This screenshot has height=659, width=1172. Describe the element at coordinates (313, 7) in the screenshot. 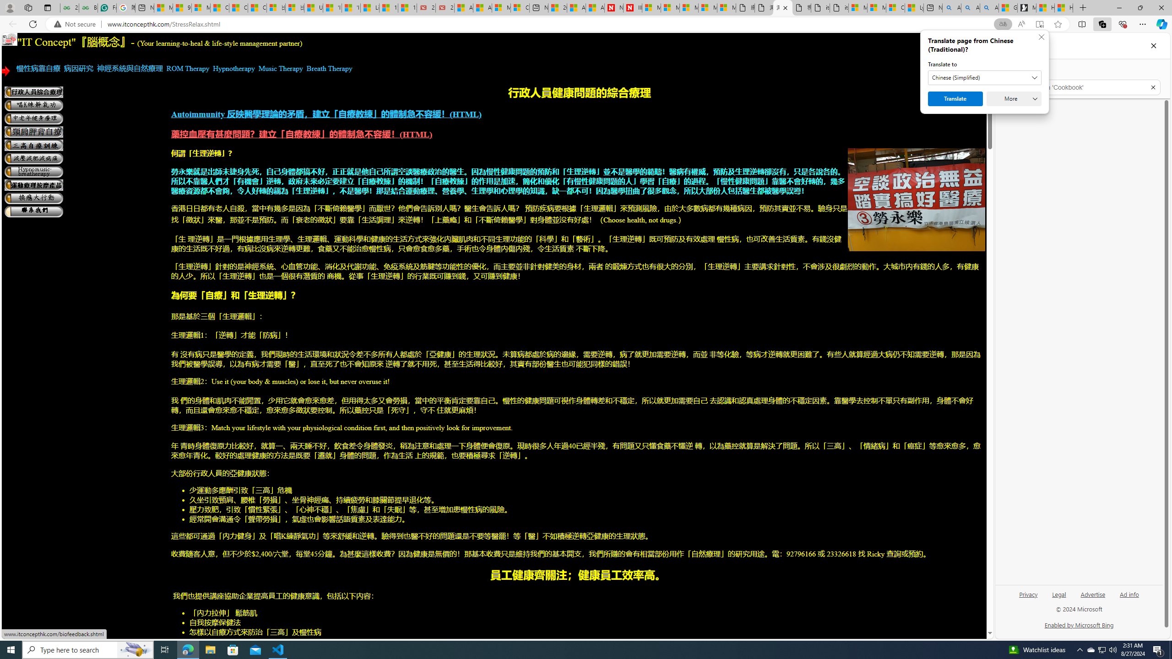

I see `'USA TODAY - MSN'` at that location.